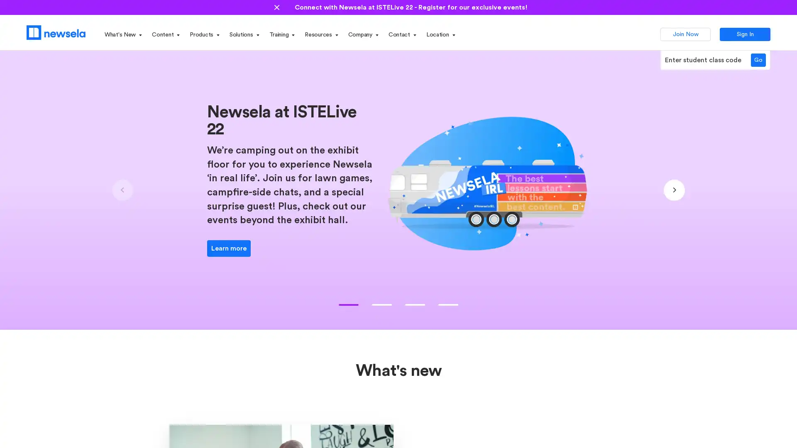 This screenshot has height=448, width=797. What do you see at coordinates (758, 60) in the screenshot?
I see `Go` at bounding box center [758, 60].